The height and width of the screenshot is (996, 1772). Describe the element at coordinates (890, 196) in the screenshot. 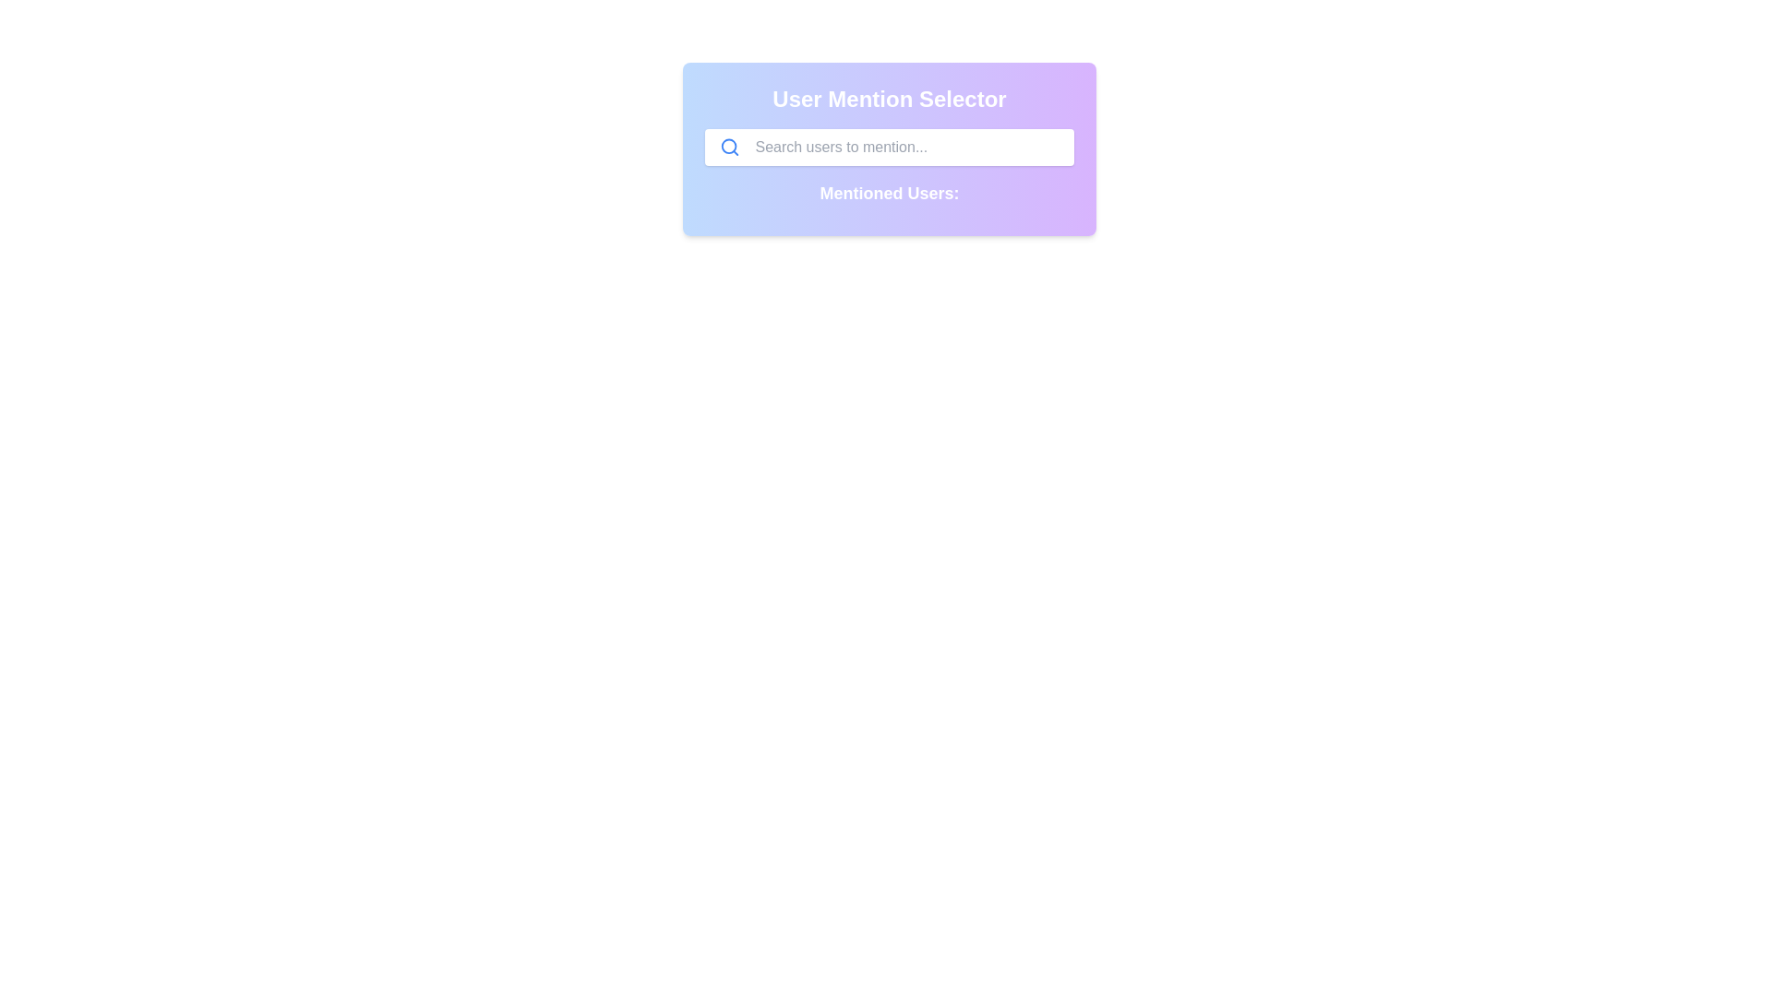

I see `label that displays 'Mentioned Users:' in bold white font, located below the 'Search users to mention...' input field in the 'User Mention Selector'` at that location.